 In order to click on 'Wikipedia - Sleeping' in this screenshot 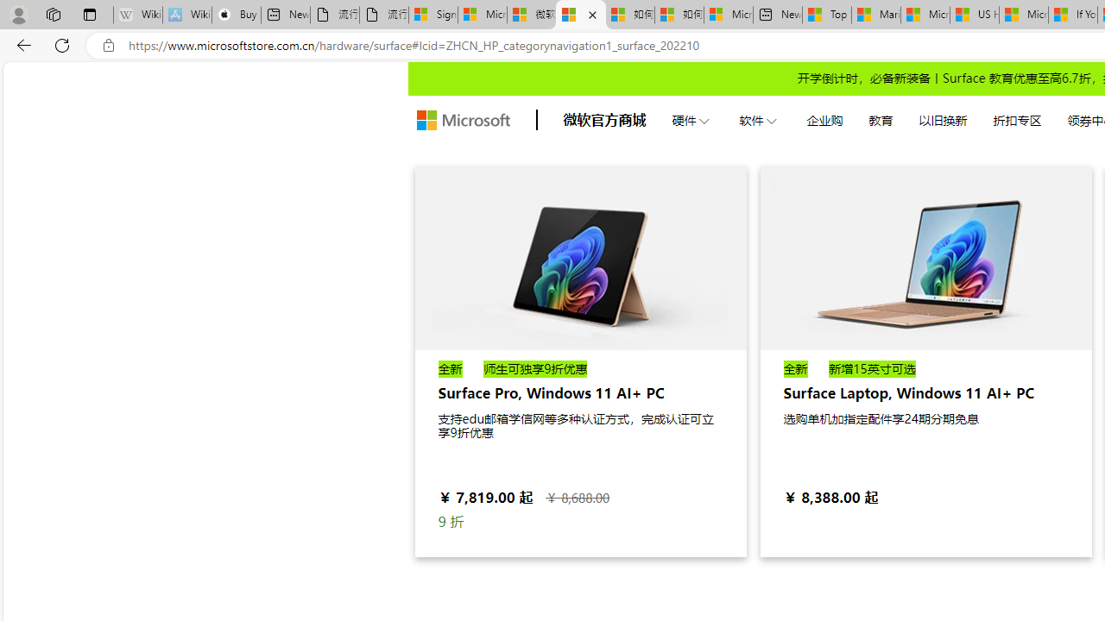, I will do `click(138, 15)`.